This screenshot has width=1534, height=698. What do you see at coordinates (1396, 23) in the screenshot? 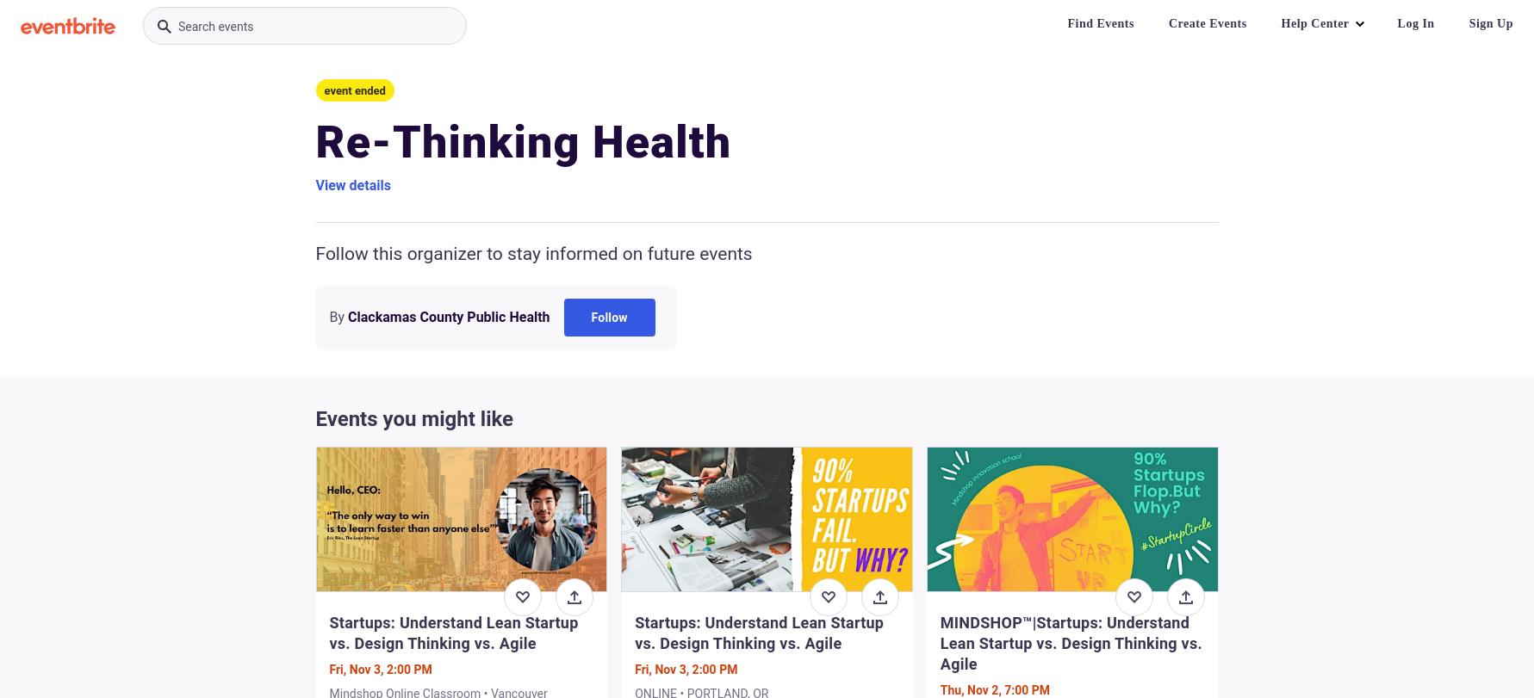
I see `'Log In'` at bounding box center [1396, 23].